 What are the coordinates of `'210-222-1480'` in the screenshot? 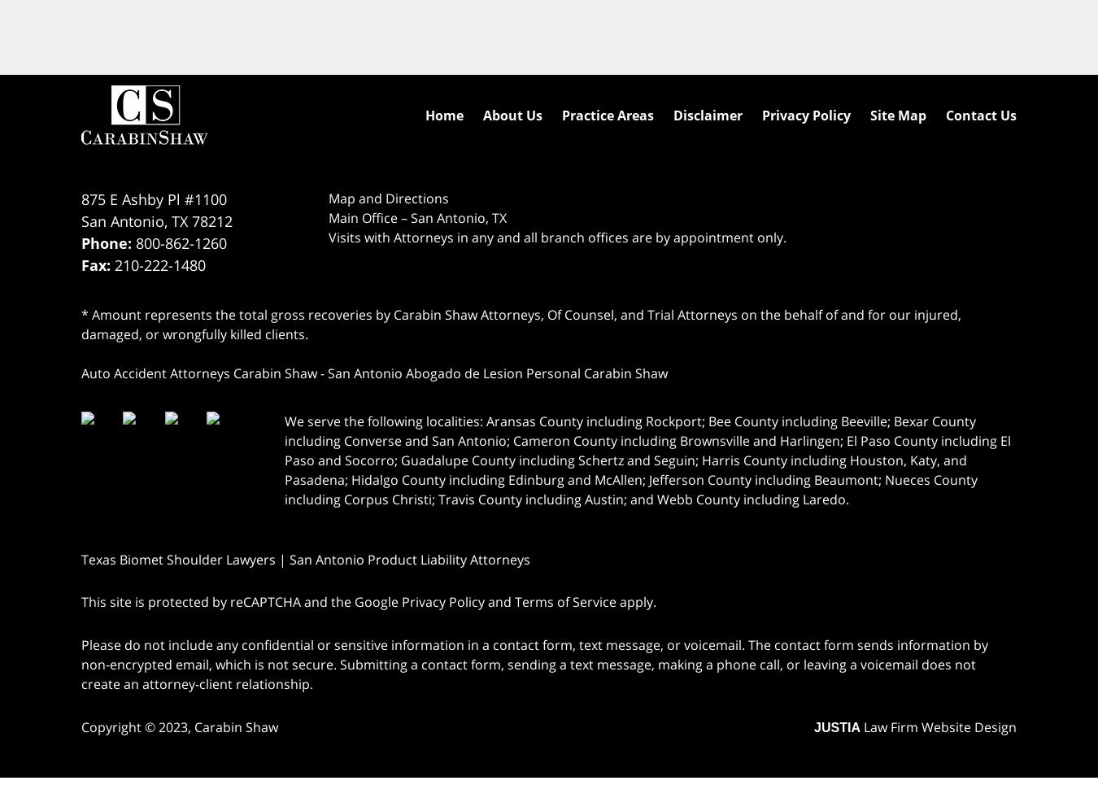 It's located at (159, 264).